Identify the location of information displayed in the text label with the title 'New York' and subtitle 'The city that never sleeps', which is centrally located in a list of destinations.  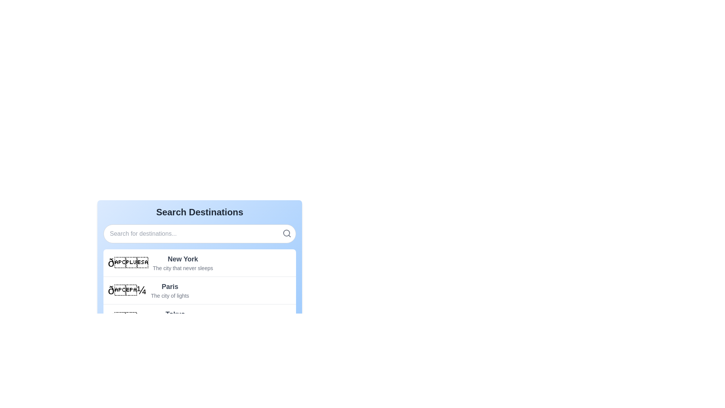
(183, 262).